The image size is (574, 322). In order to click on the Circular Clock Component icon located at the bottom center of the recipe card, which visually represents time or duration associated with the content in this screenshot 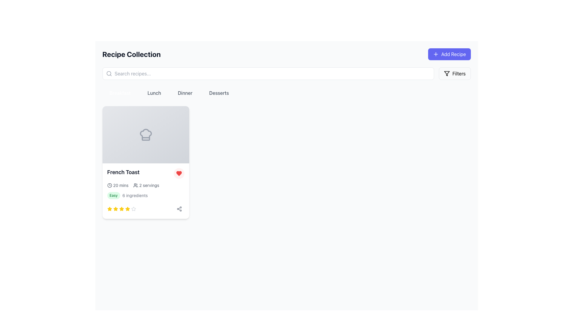, I will do `click(109, 185)`.